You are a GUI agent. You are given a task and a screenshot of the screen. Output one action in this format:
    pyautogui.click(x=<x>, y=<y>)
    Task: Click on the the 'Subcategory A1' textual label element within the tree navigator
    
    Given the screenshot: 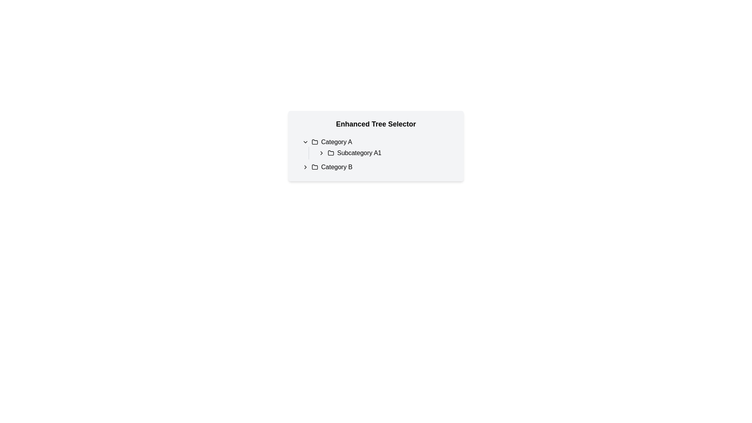 What is the action you would take?
    pyautogui.click(x=379, y=148)
    